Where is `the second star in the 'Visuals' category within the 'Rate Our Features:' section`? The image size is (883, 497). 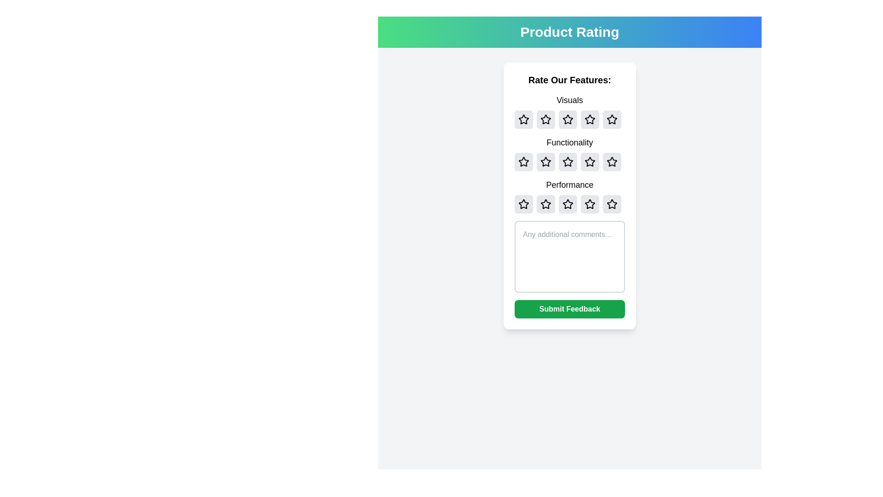 the second star in the 'Visuals' category within the 'Rate Our Features:' section is located at coordinates (545, 119).